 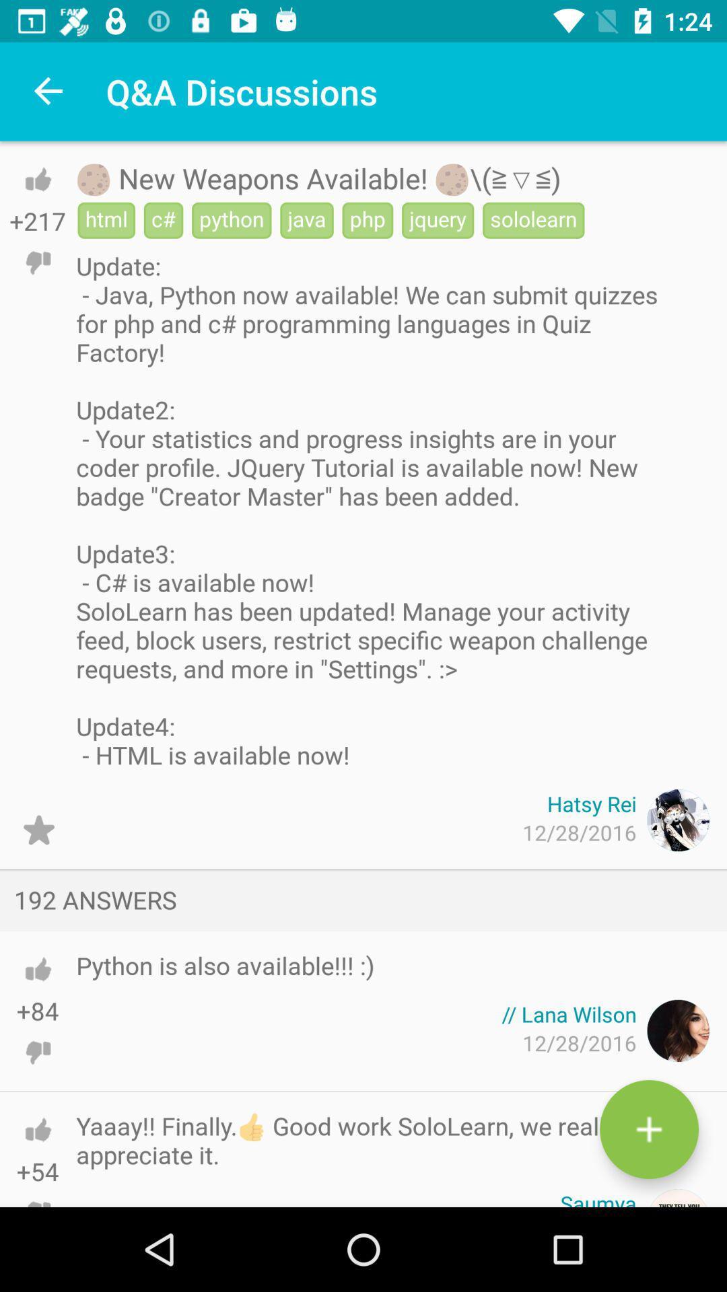 What do you see at coordinates (37, 178) in the screenshot?
I see `like the article` at bounding box center [37, 178].